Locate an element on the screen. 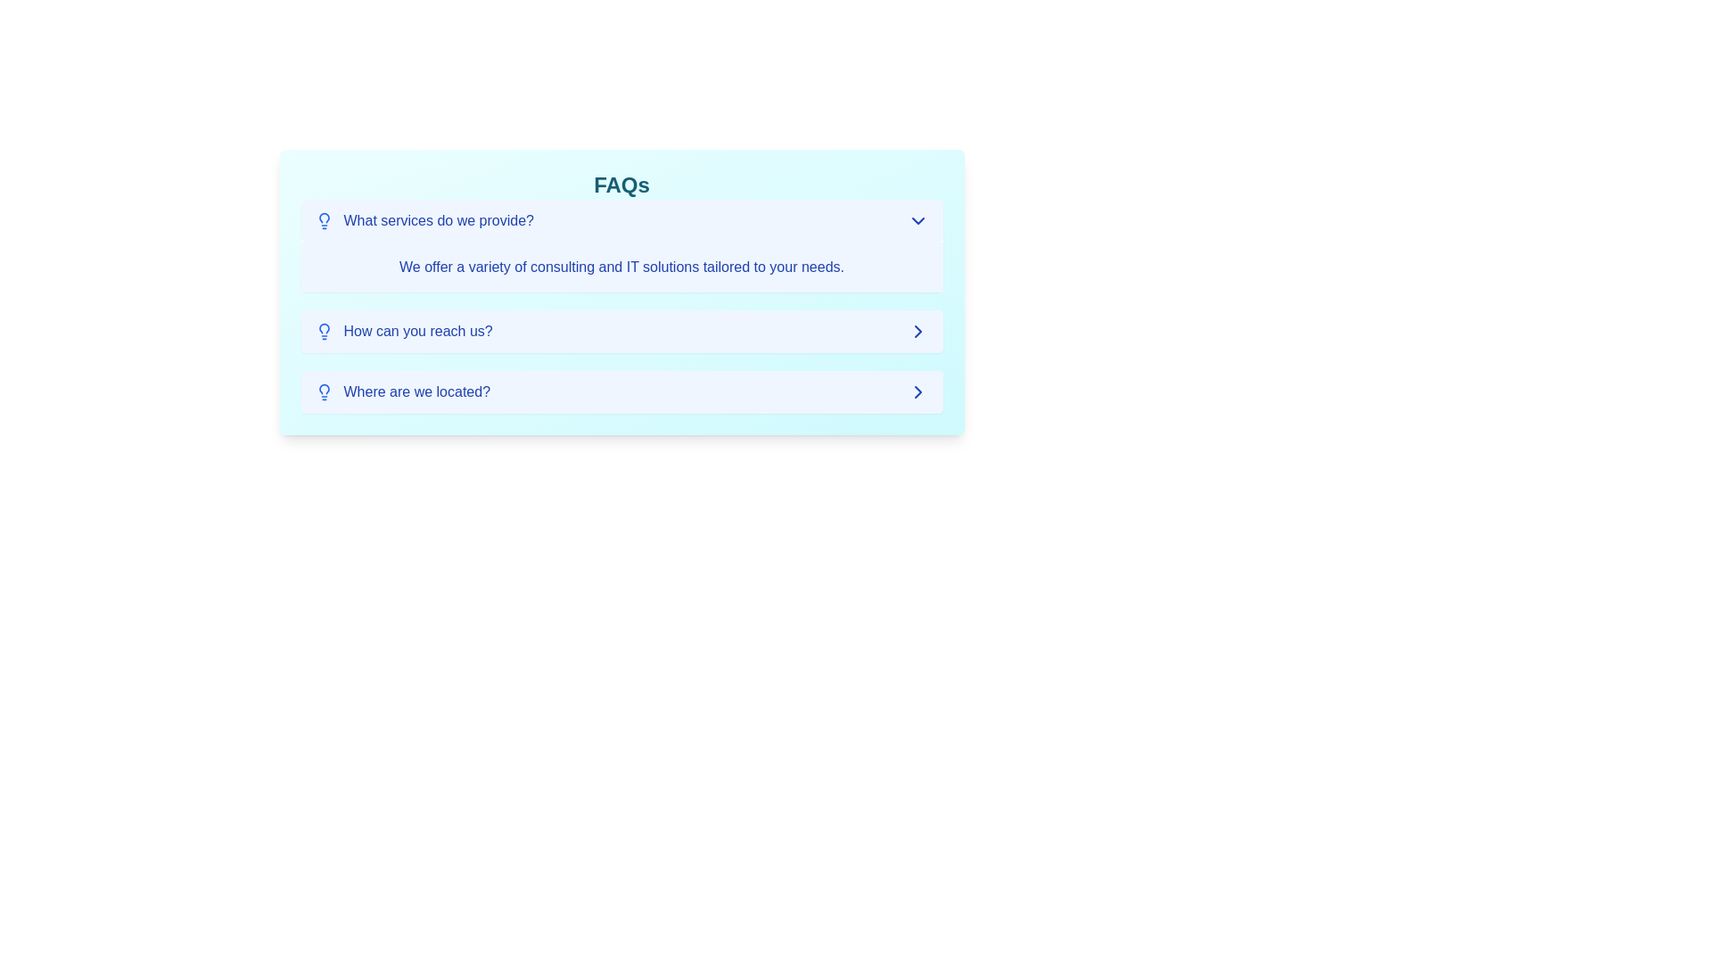 The height and width of the screenshot is (963, 1712). the toggle arrow icon located at the right of the first FAQ section is located at coordinates (918, 219).